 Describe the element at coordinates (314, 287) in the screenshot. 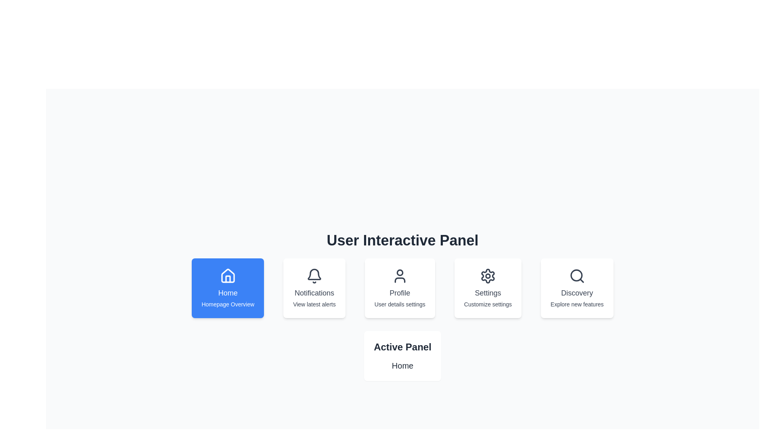

I see `the second interactive card in the row of five cards` at that location.